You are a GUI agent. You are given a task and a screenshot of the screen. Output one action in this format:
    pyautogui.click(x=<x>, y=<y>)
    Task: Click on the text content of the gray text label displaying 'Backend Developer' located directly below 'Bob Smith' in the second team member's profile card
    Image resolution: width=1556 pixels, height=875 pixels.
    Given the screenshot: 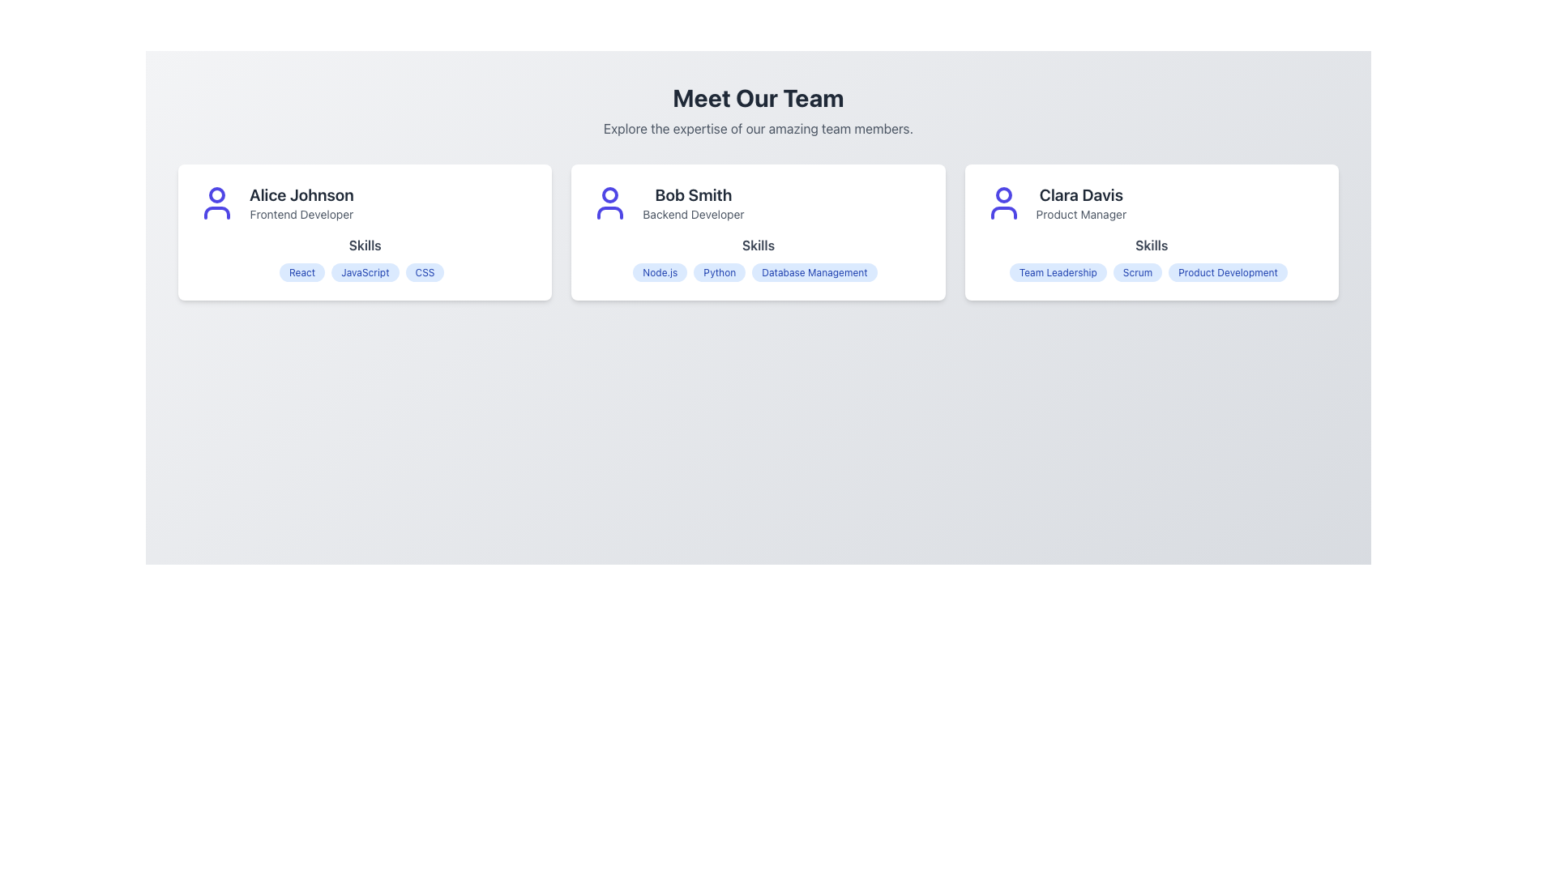 What is the action you would take?
    pyautogui.click(x=693, y=214)
    